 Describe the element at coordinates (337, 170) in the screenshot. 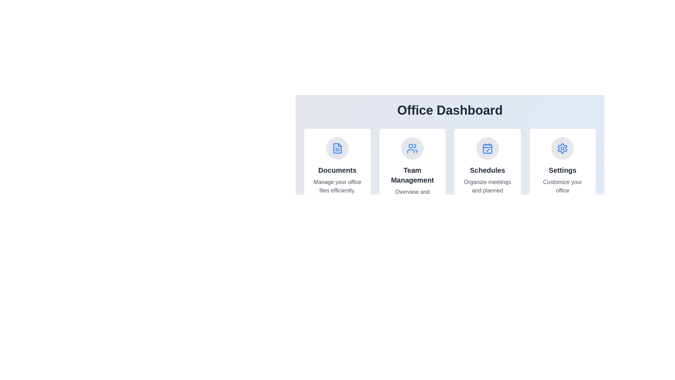

I see `the static textual label that describes the content or purpose of its card related to 'Documents' located in the first card under the 'Office Dashboard' heading` at that location.